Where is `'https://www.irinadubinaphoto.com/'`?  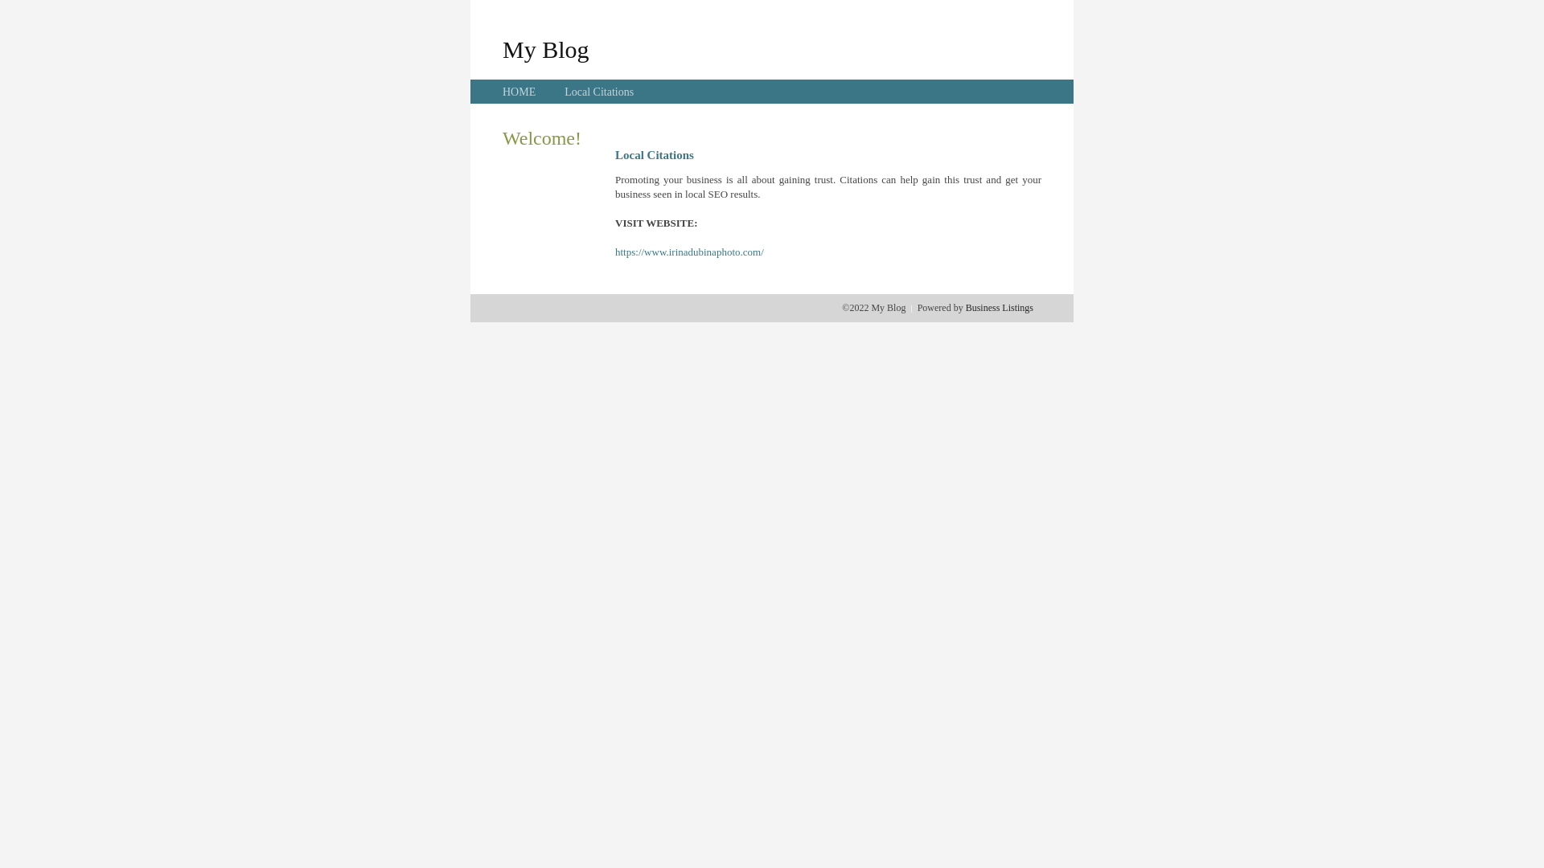
'https://www.irinadubinaphoto.com/' is located at coordinates (689, 252).